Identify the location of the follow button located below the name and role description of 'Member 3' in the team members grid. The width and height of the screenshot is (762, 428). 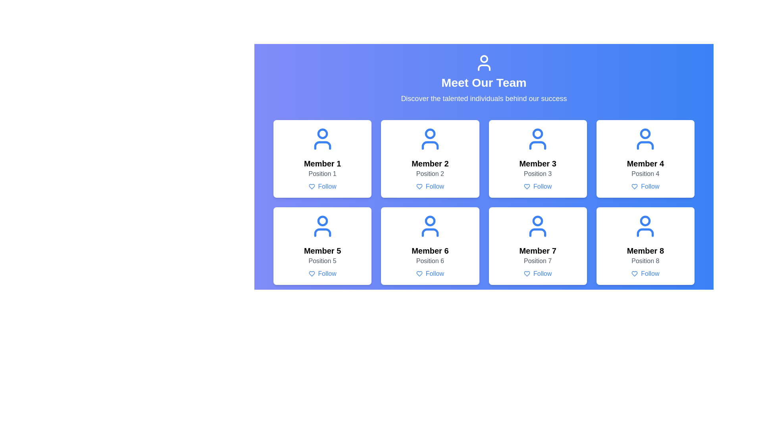
(542, 186).